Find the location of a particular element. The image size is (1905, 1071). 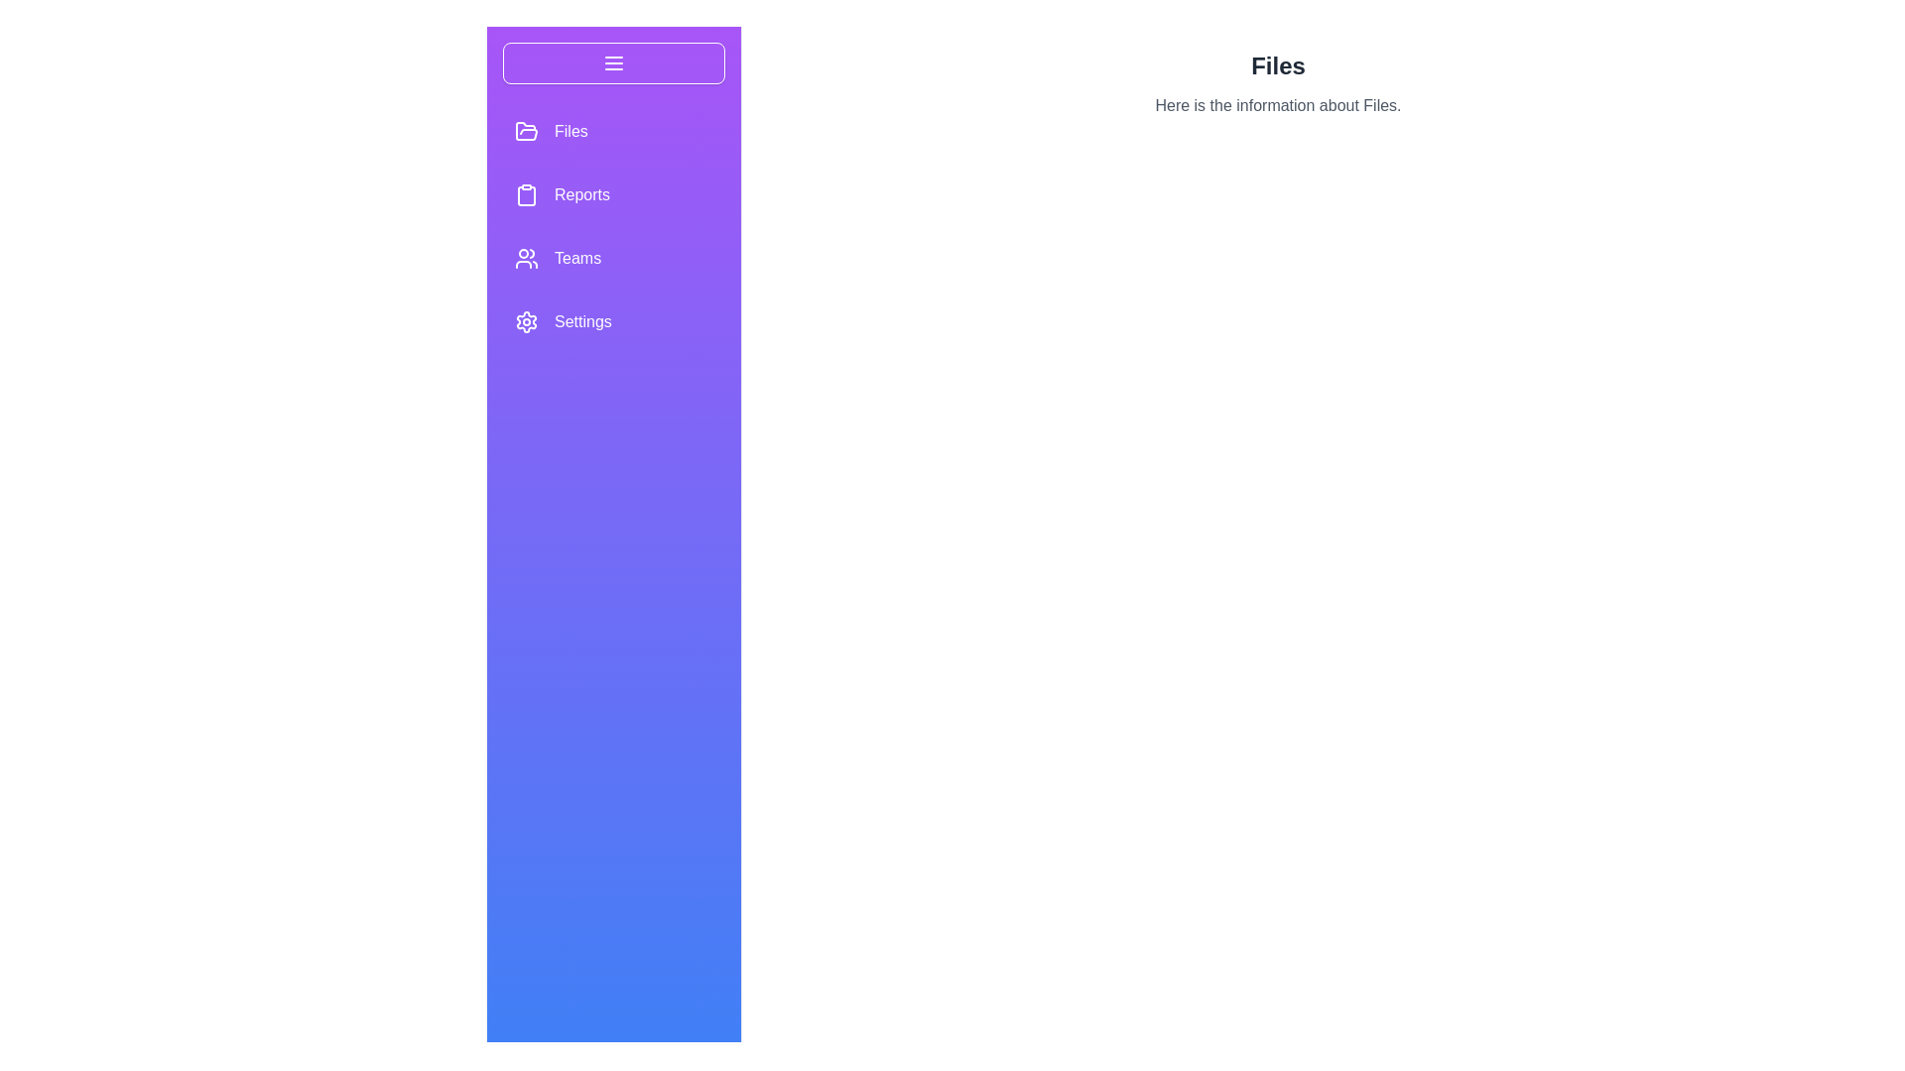

the menu option Teams to display its hover effect is located at coordinates (613, 258).